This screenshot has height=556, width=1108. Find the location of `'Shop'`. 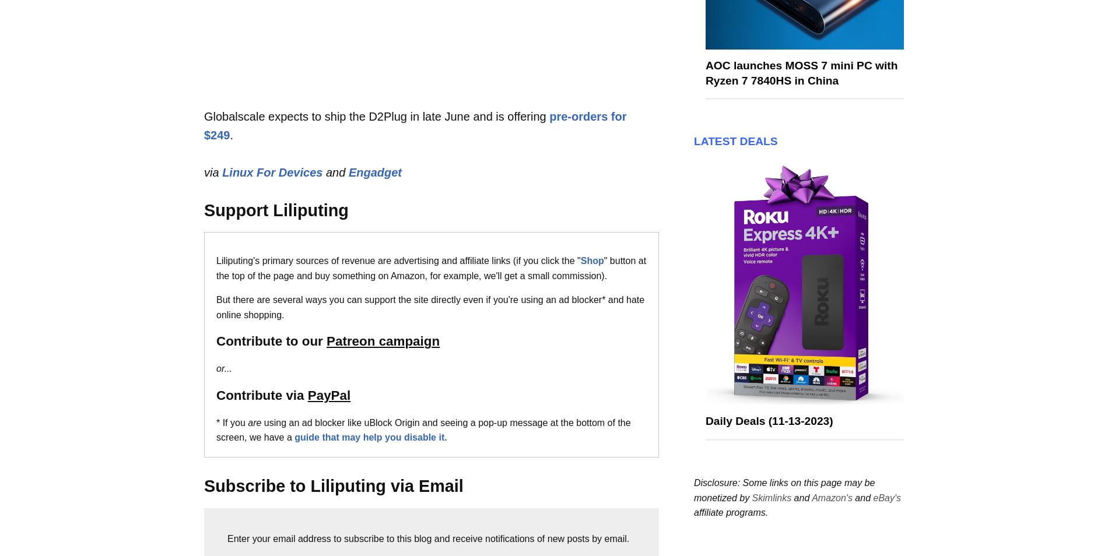

'Shop' is located at coordinates (591, 261).